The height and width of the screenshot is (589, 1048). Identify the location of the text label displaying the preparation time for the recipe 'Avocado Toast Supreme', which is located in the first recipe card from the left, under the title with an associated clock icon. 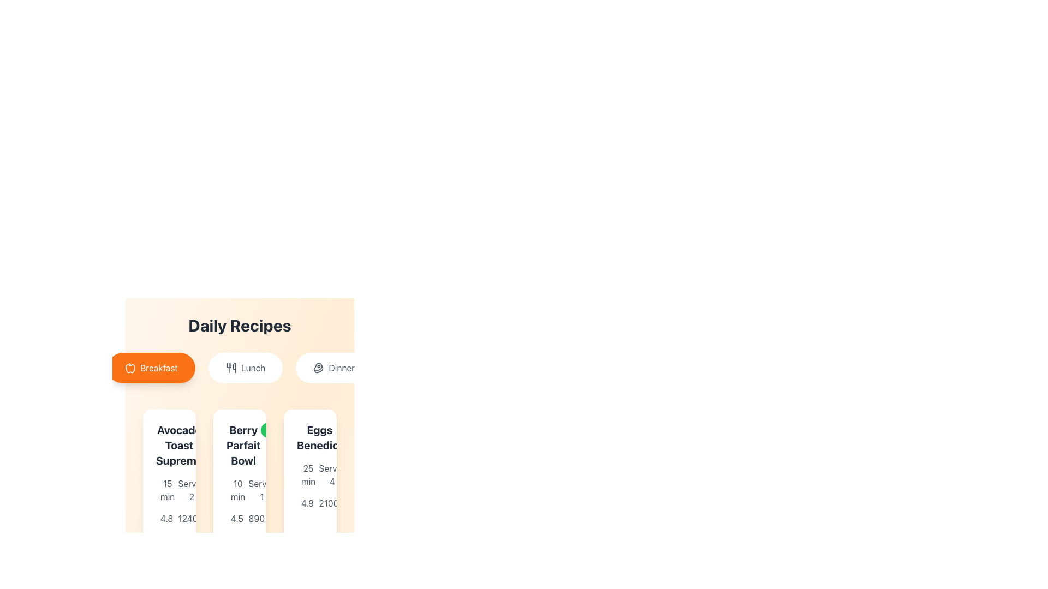
(160, 489).